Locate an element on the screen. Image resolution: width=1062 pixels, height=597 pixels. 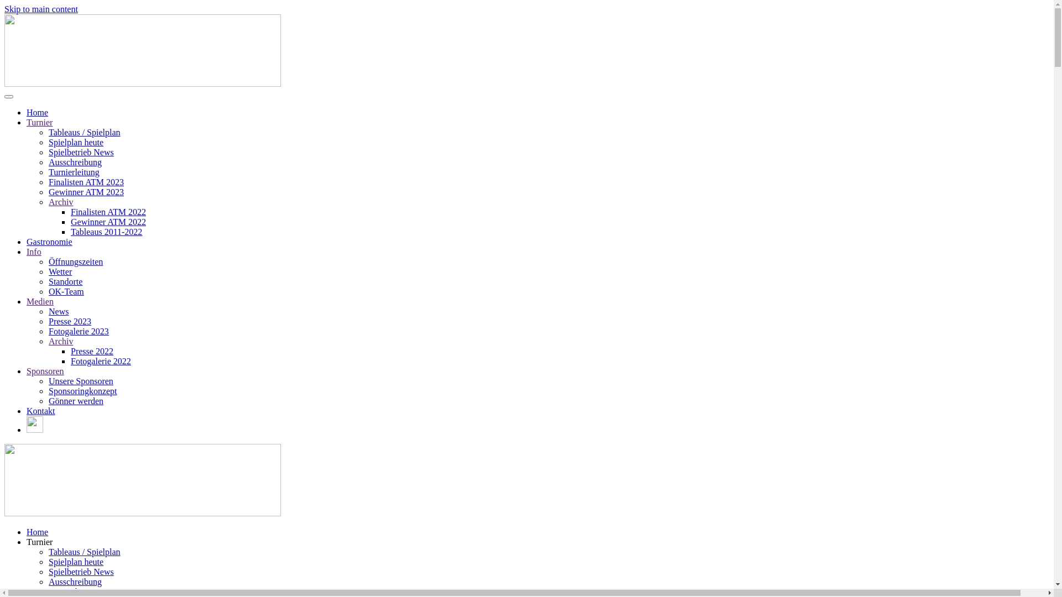
'Presse 2022' is located at coordinates (92, 351).